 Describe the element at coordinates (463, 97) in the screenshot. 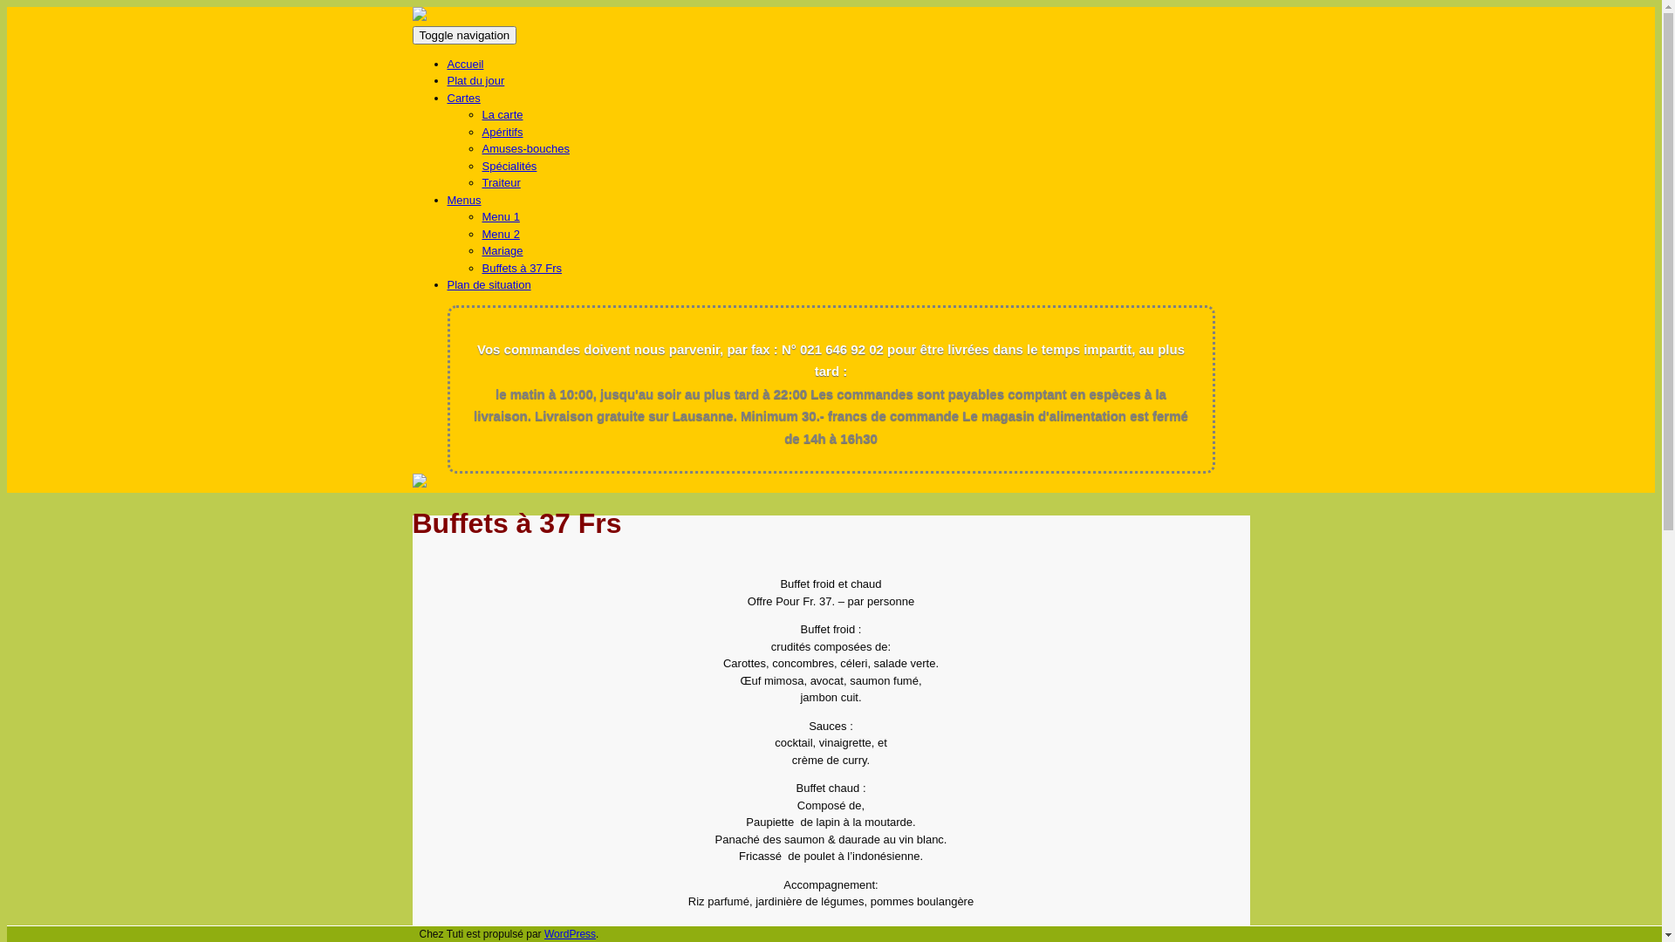

I see `'Cartes'` at that location.